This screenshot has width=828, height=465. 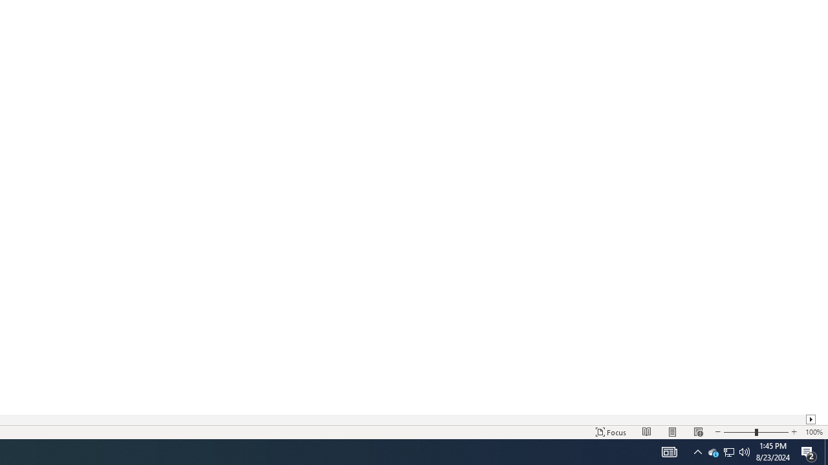 What do you see at coordinates (647, 432) in the screenshot?
I see `'Read Mode'` at bounding box center [647, 432].